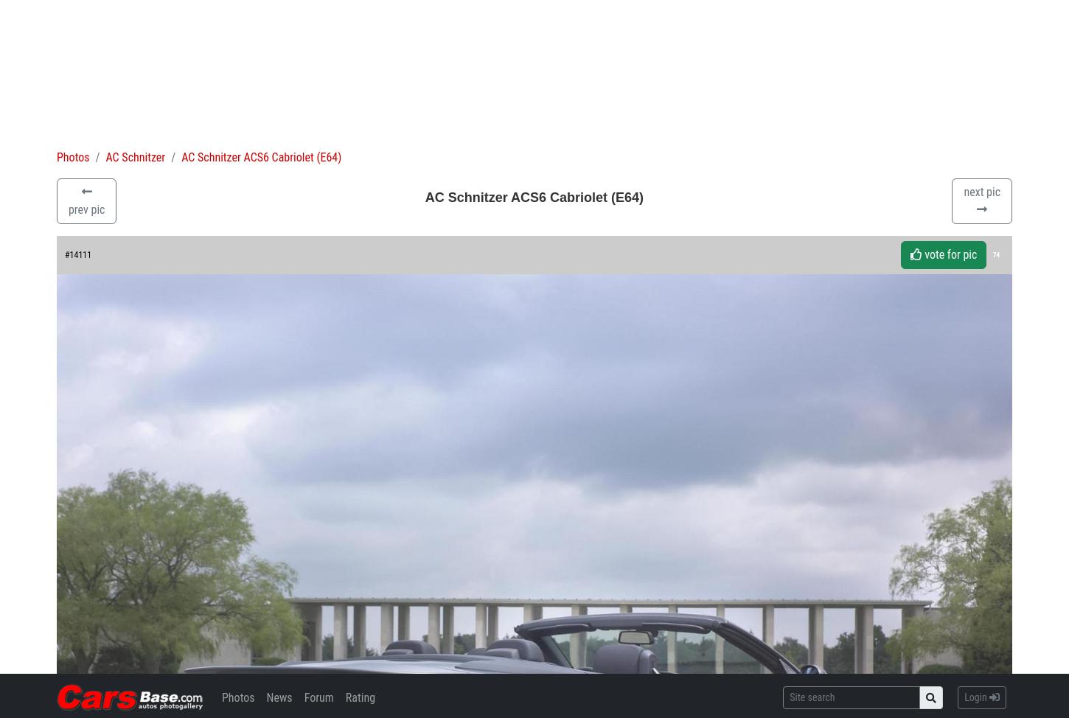 This screenshot has height=718, width=1069. I want to click on 'Photo of AC Schnitzer ACS6 Cabriolet (E64) 14111.
                            Image size: 1600 x 1200.
                              Upload date: 2004-09-30.                             Number of votes: 74.', so click(344, 426).